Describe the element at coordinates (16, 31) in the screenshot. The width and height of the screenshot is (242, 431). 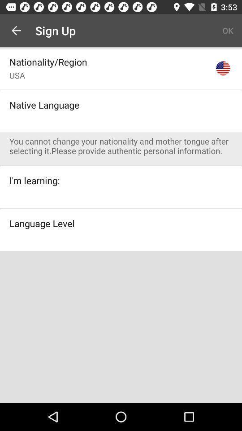
I see `the icon above the nationality/region` at that location.